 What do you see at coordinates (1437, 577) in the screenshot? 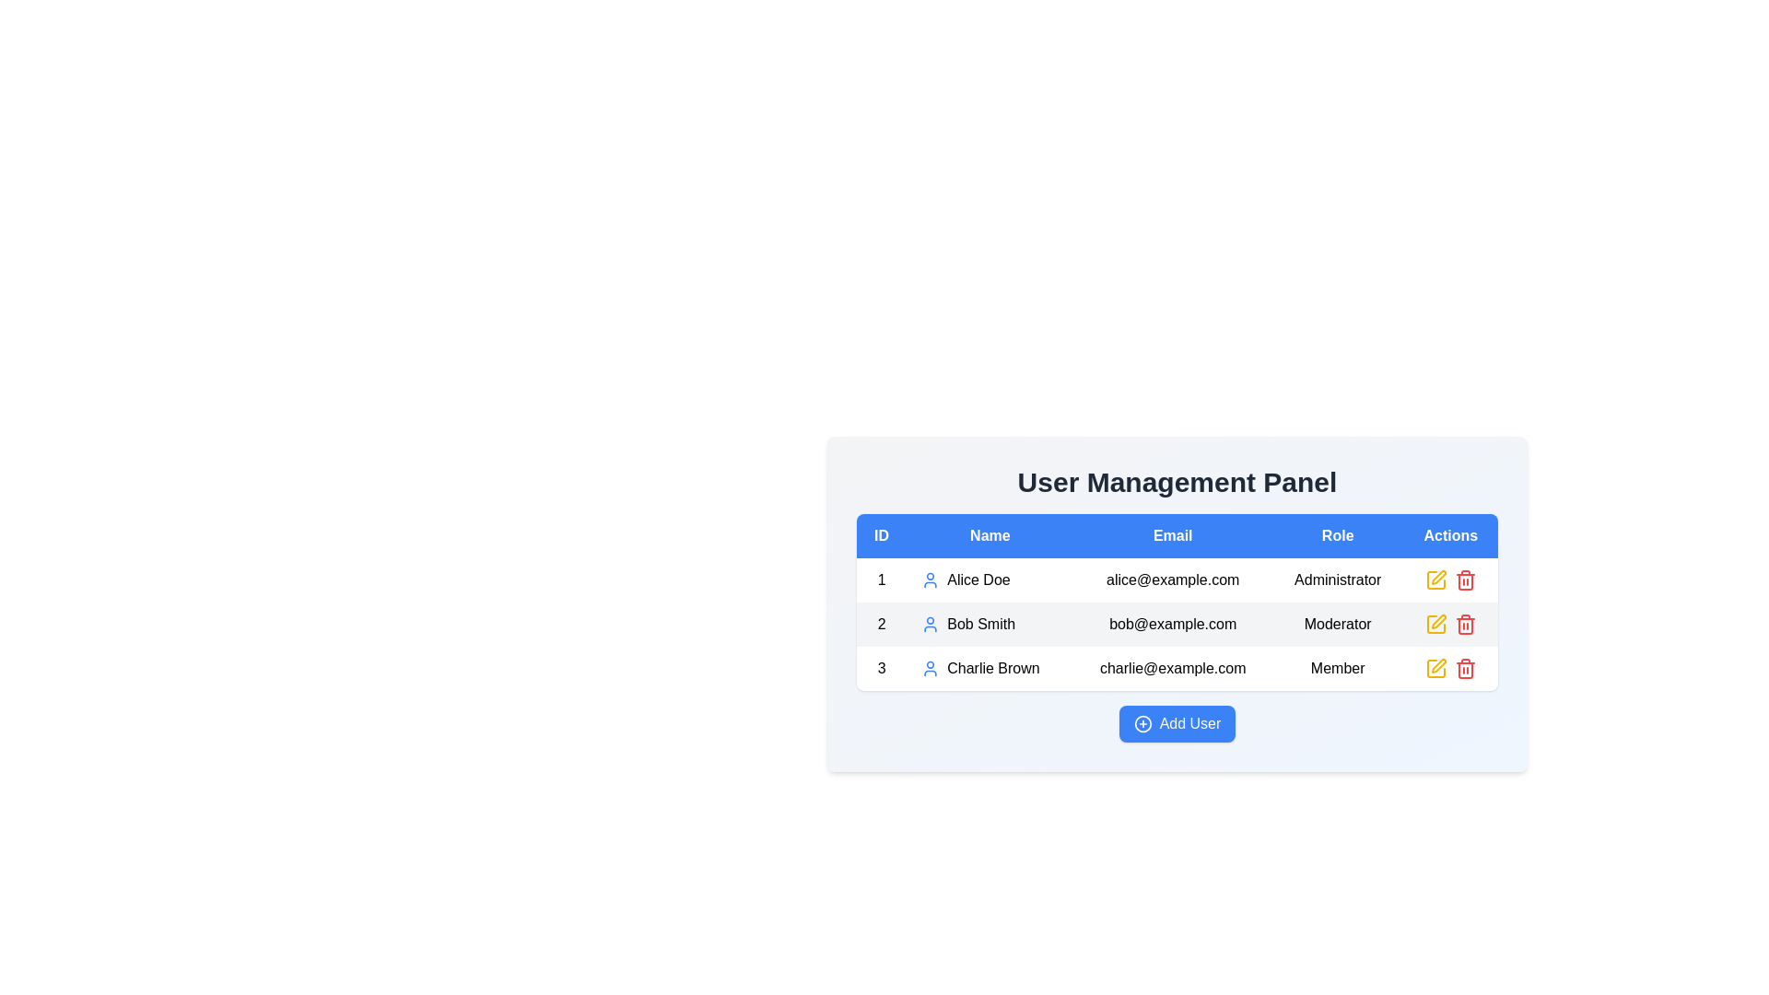
I see `the edit icon button located in the 'Actions' column of the user management table for the user 'Bob Smith'` at bounding box center [1437, 577].